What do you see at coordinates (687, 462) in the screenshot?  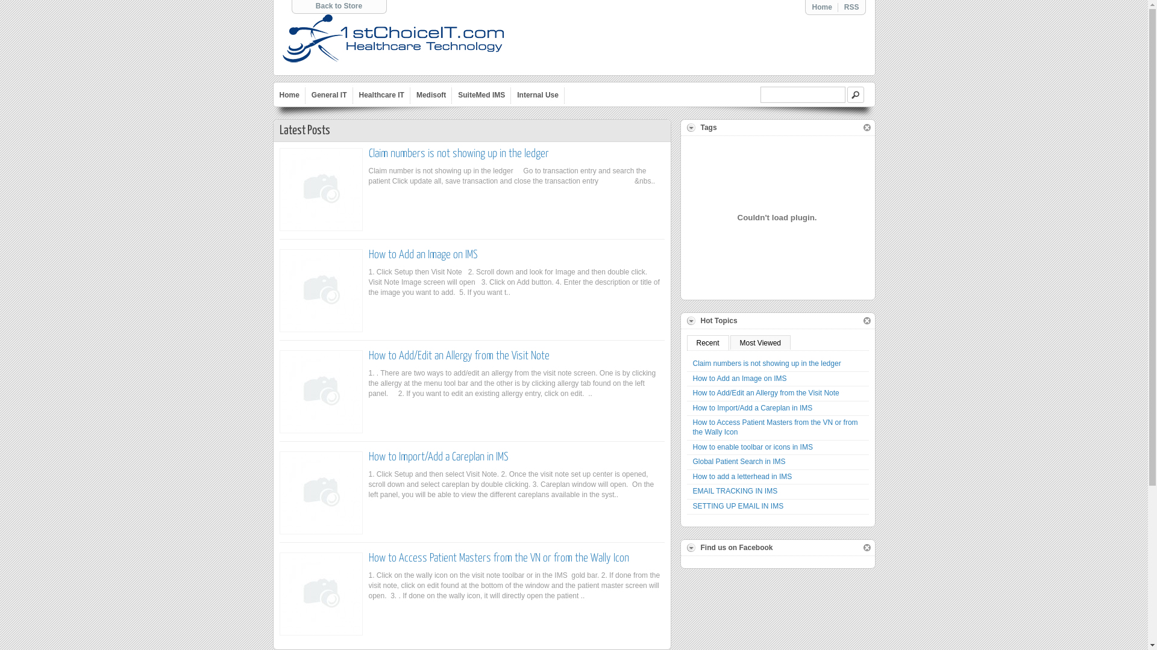 I see `'Global Patient Search in IMS'` at bounding box center [687, 462].